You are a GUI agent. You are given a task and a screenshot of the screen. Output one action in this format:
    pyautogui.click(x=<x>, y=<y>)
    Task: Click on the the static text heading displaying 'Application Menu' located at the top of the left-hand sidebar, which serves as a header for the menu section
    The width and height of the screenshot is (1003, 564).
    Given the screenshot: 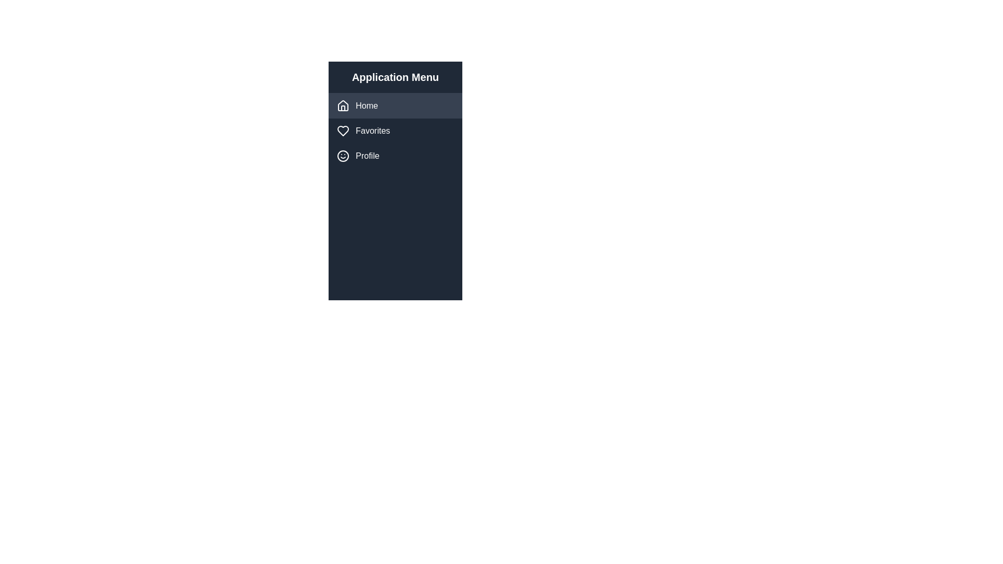 What is the action you would take?
    pyautogui.click(x=395, y=77)
    